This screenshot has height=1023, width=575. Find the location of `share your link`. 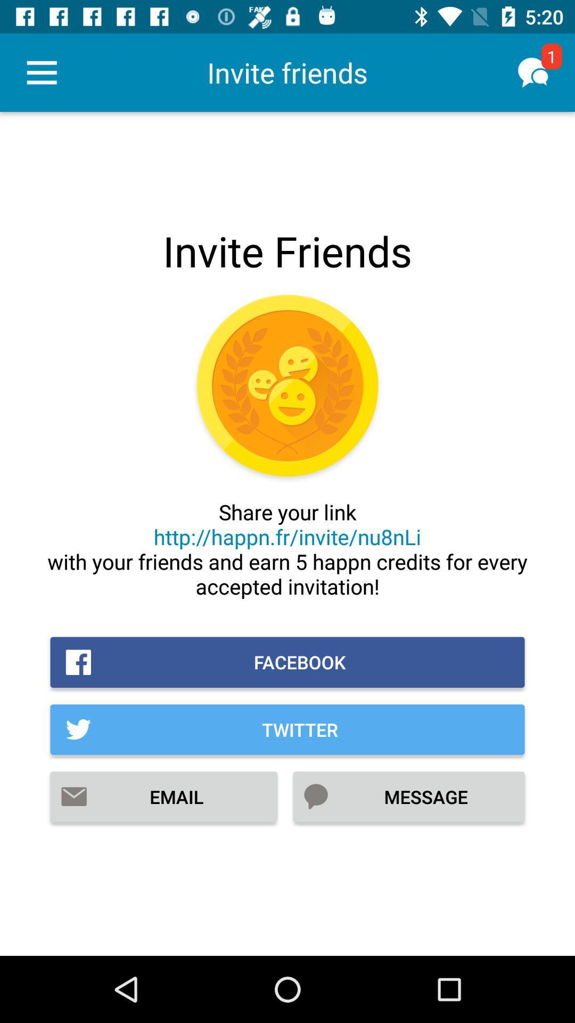

share your link is located at coordinates (287, 549).